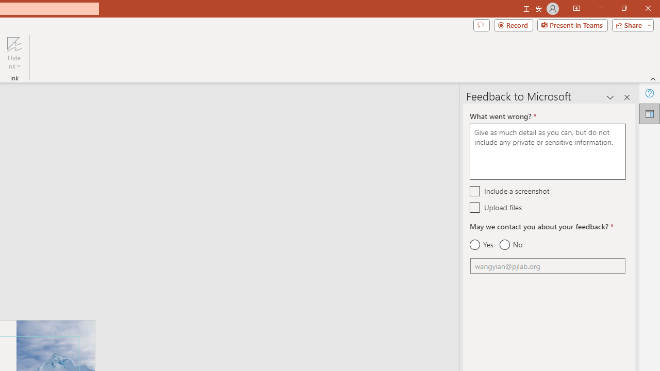  What do you see at coordinates (14, 53) in the screenshot?
I see `'Hide Ink'` at bounding box center [14, 53].